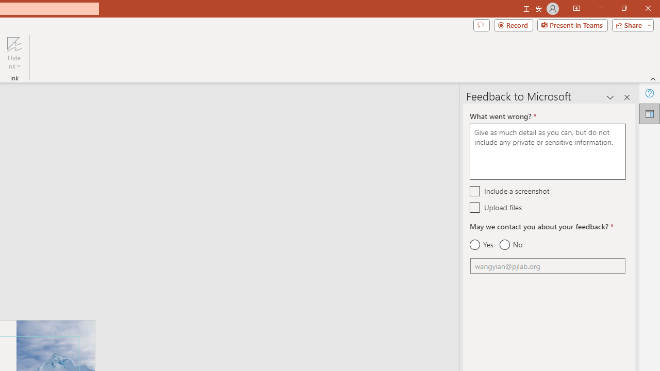  What do you see at coordinates (14, 53) in the screenshot?
I see `'Hide Ink'` at bounding box center [14, 53].